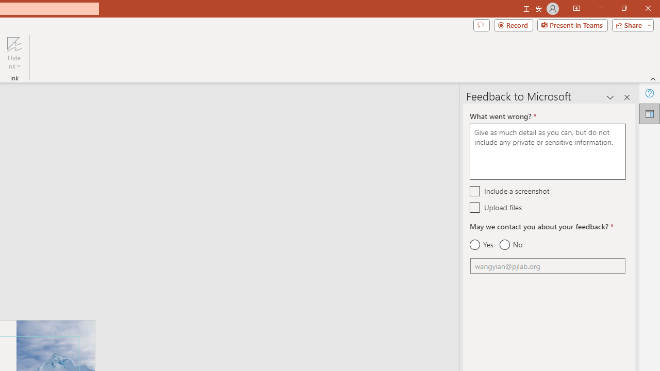  What do you see at coordinates (14, 53) in the screenshot?
I see `'Hide Ink'` at bounding box center [14, 53].